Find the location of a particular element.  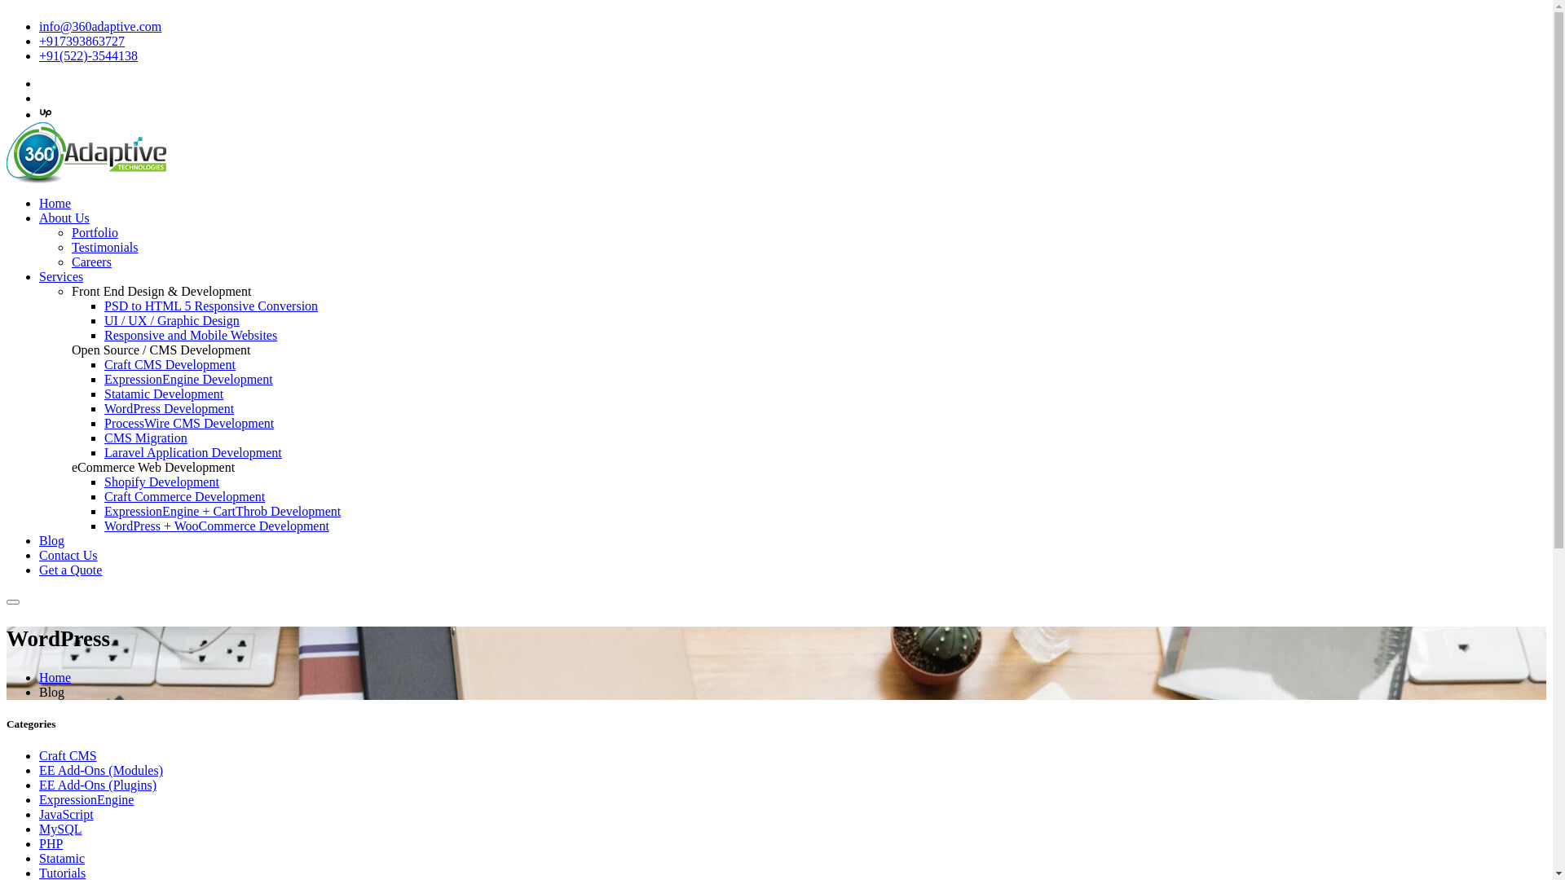

'EE Add-Ons (Modules)' is located at coordinates (39, 770).